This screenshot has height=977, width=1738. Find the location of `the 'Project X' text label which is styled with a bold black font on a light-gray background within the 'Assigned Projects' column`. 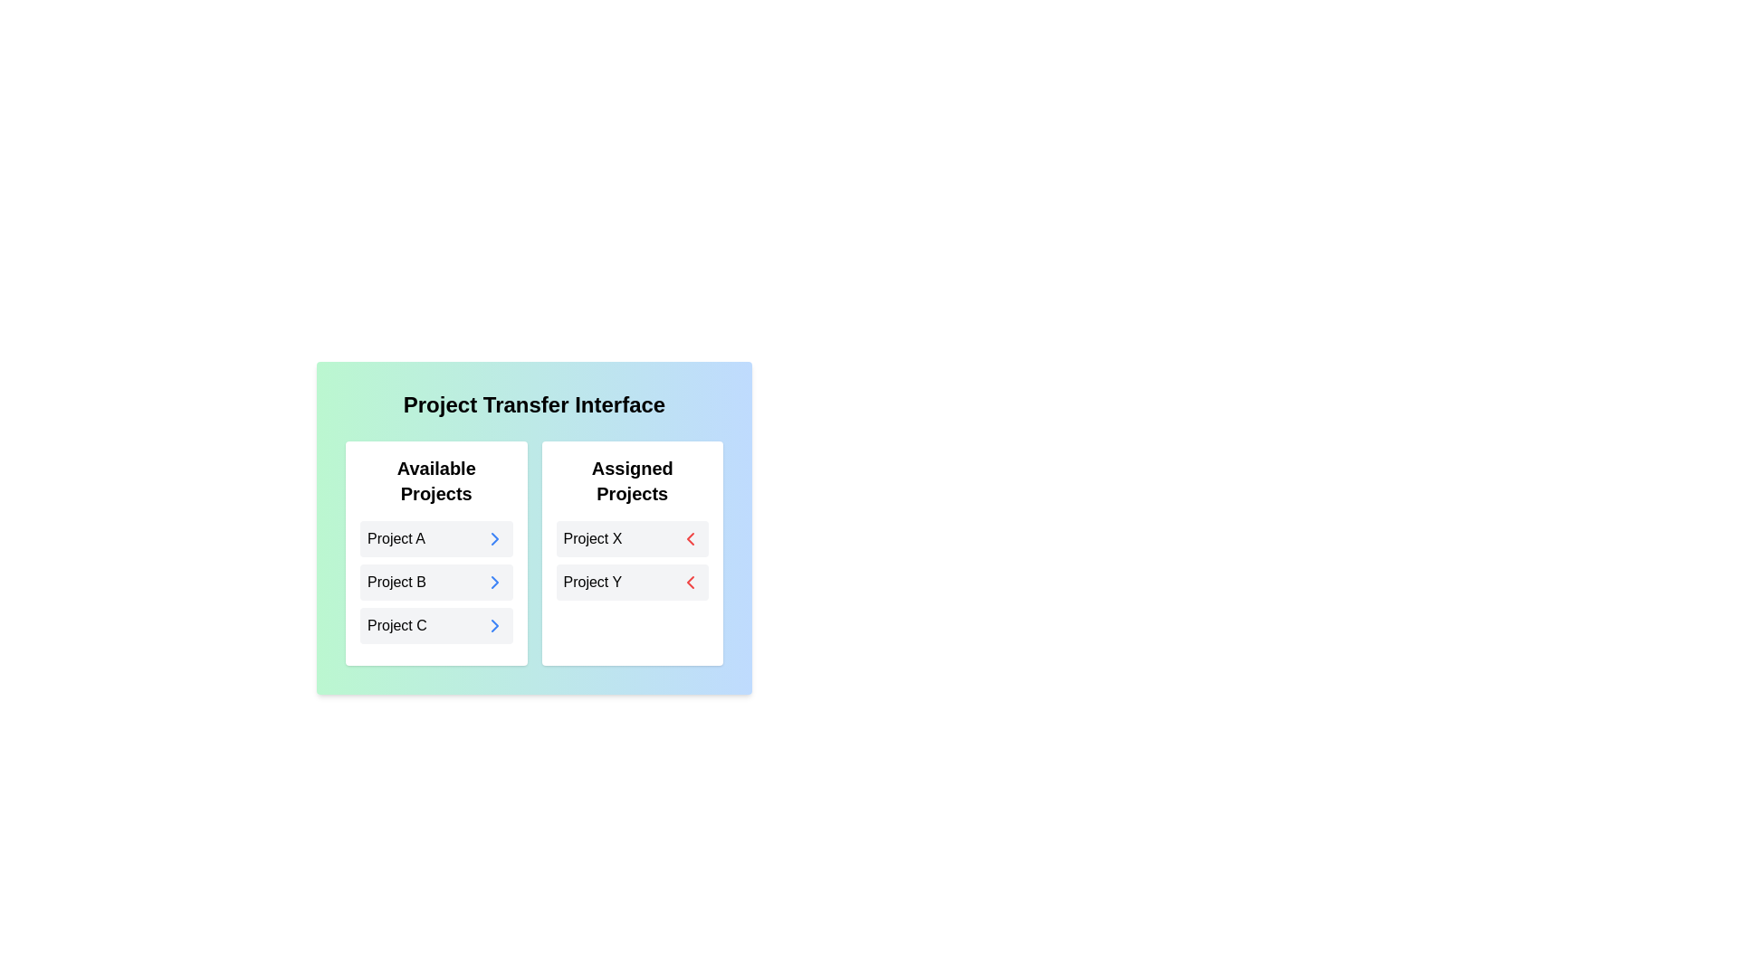

the 'Project X' text label which is styled with a bold black font on a light-gray background within the 'Assigned Projects' column is located at coordinates (592, 538).